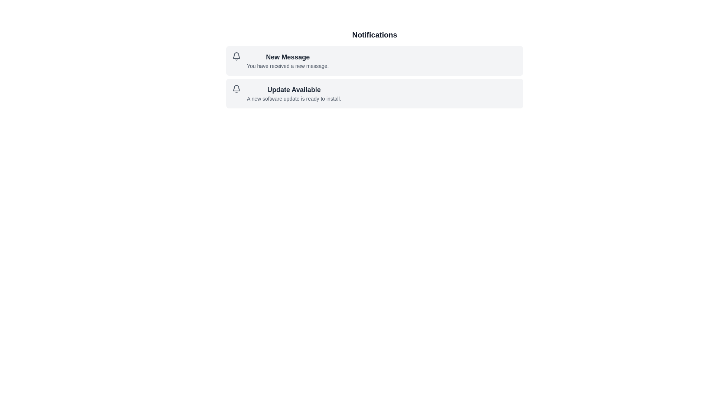 This screenshot has width=713, height=401. I want to click on text from the 'Update Available' notification block, which is located in the second notification card below the 'Notifications' title and to the right of the bell icon, so click(293, 93).